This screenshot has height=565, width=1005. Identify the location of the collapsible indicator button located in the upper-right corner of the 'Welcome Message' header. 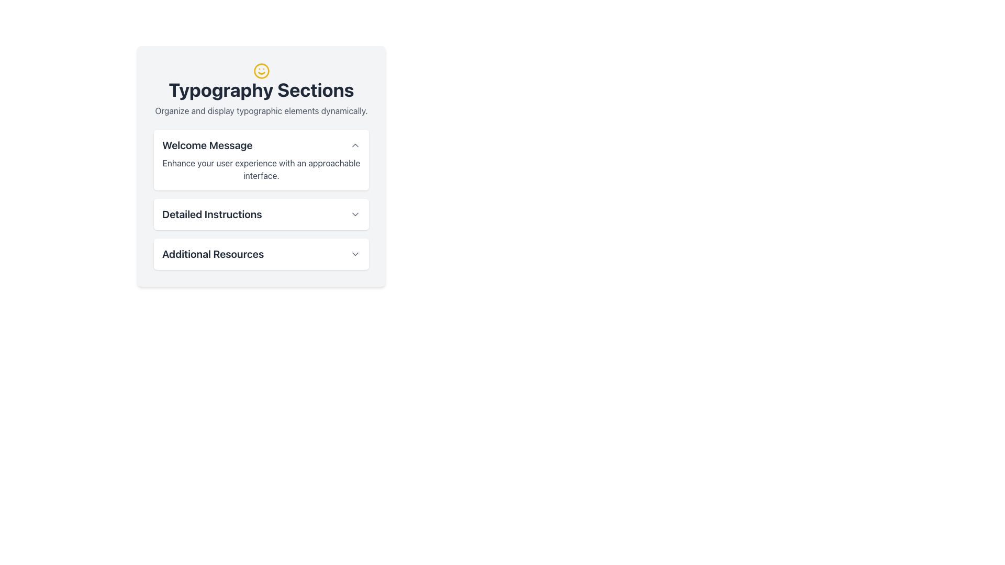
(355, 145).